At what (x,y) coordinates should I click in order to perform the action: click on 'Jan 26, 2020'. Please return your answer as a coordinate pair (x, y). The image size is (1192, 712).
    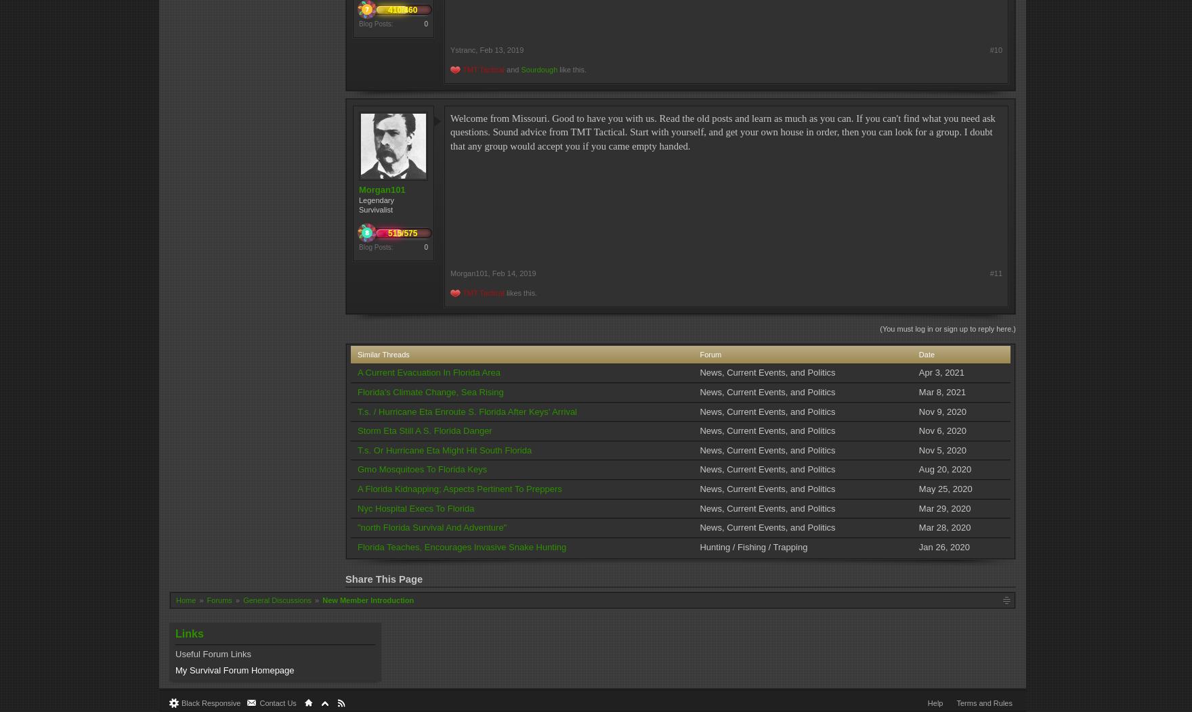
    Looking at the image, I should click on (943, 546).